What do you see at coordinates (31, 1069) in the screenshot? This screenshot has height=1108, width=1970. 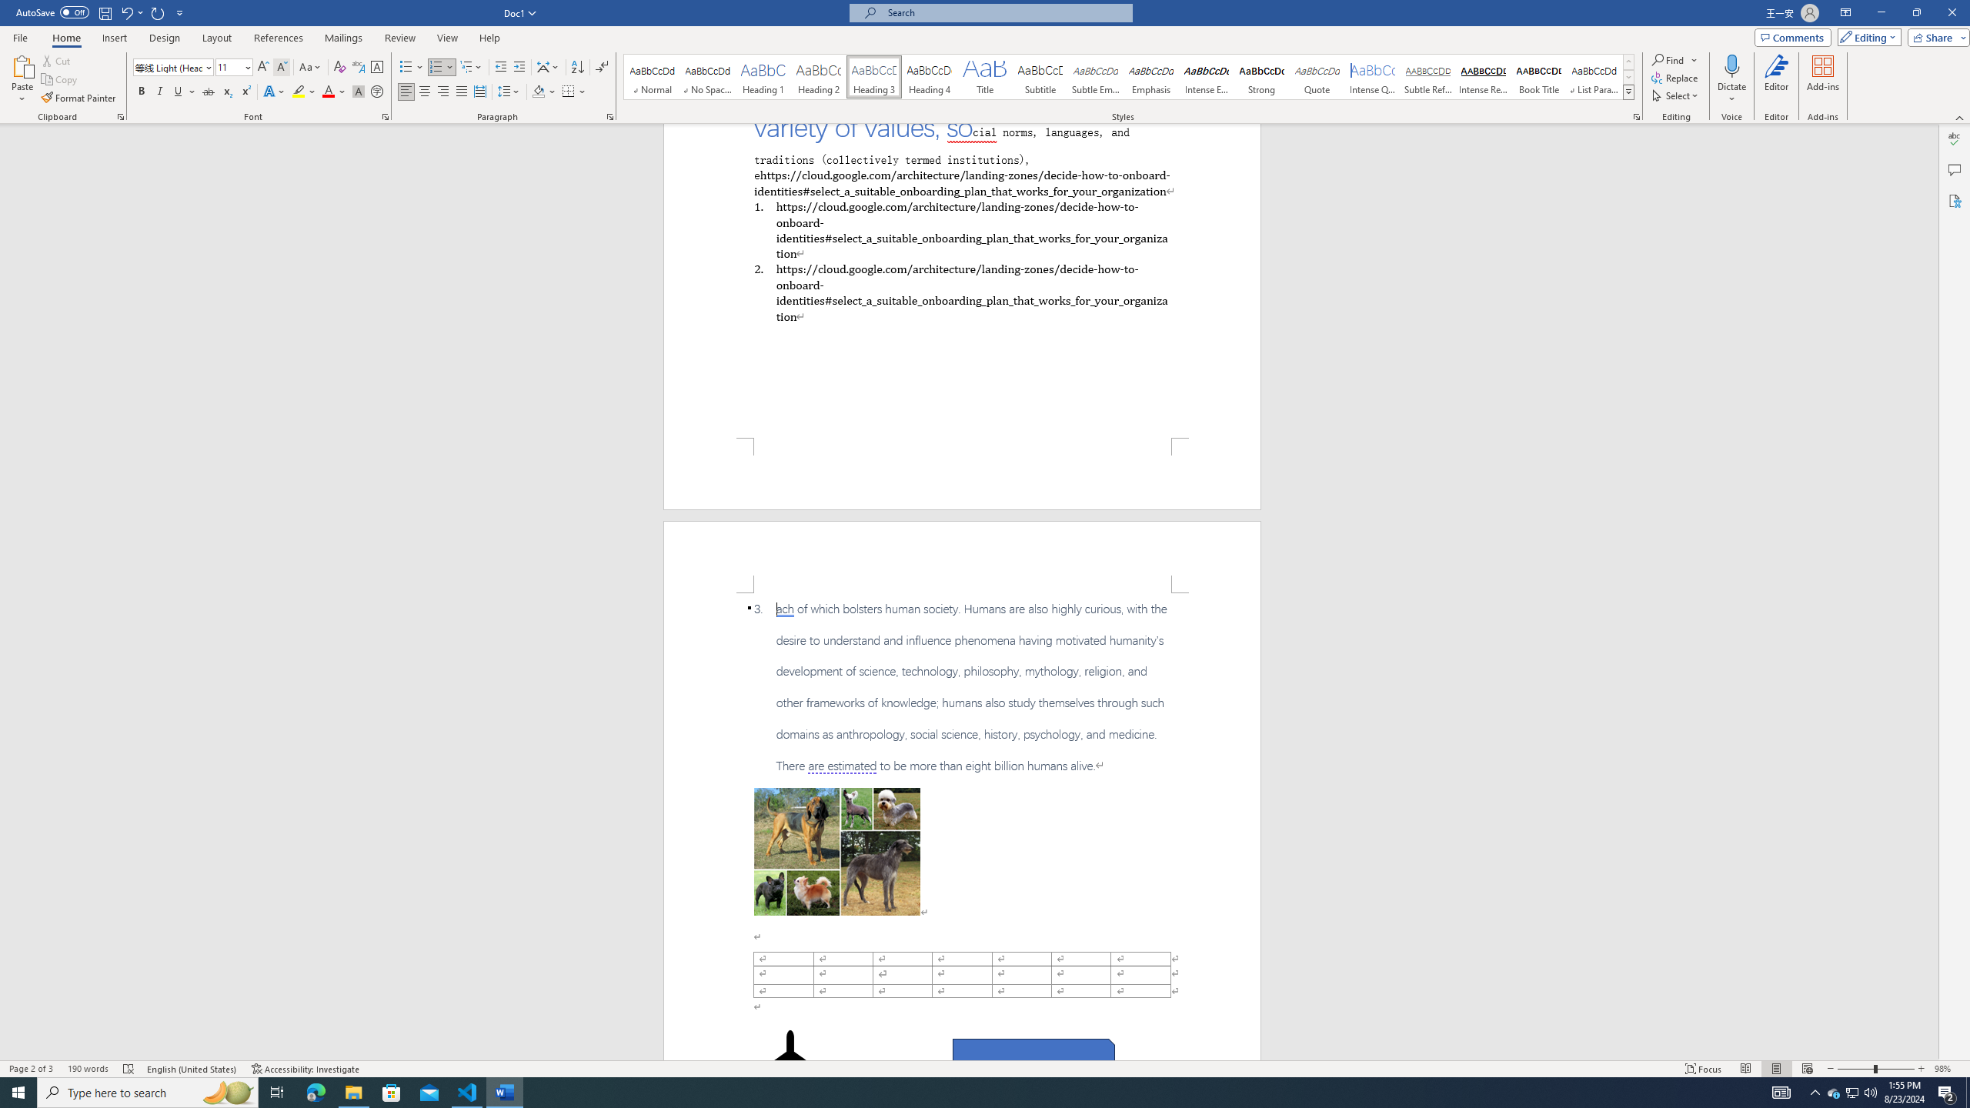 I see `'Page Number Page 2 of 3'` at bounding box center [31, 1069].